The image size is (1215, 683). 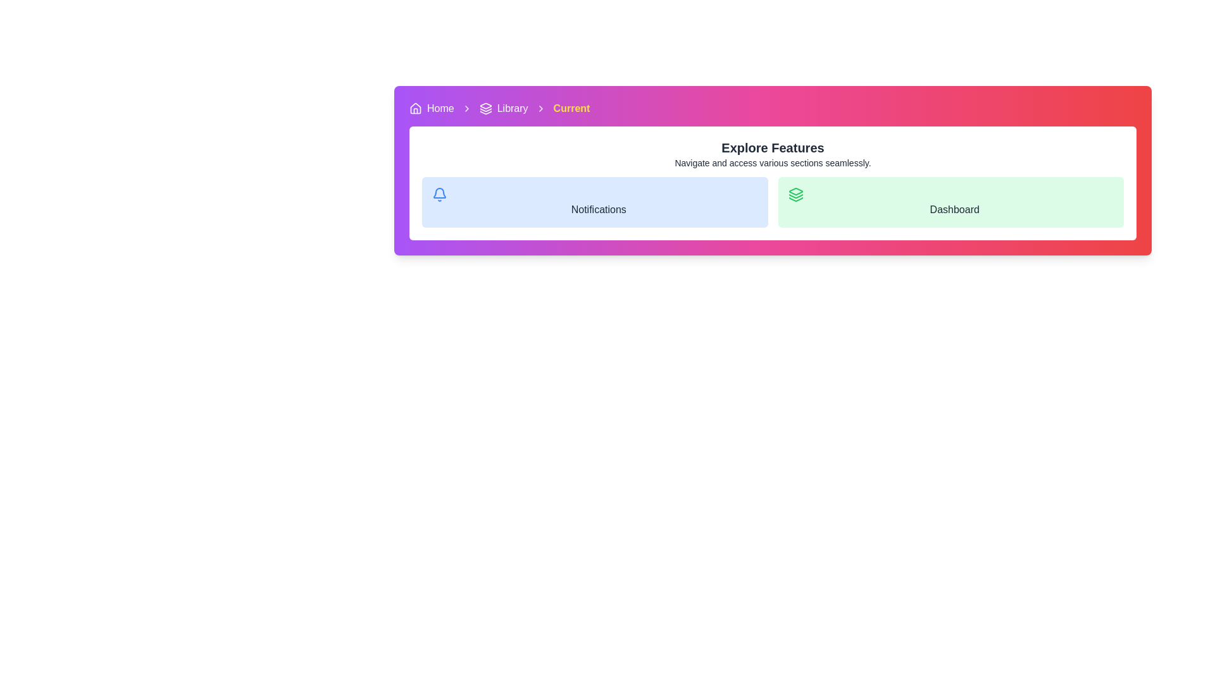 I want to click on the right-facing chevron icon located between the breadcrumb links 'Library' and 'Current' in the breadcrumb navigation bar, so click(x=540, y=108).